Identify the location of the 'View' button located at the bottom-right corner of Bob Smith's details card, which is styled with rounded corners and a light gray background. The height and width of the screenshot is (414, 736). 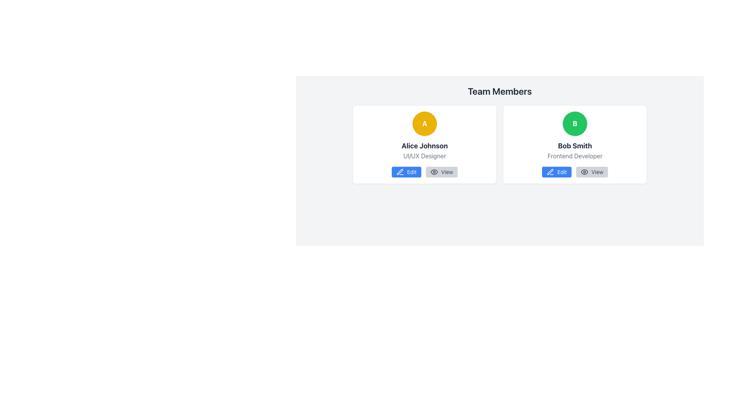
(591, 171).